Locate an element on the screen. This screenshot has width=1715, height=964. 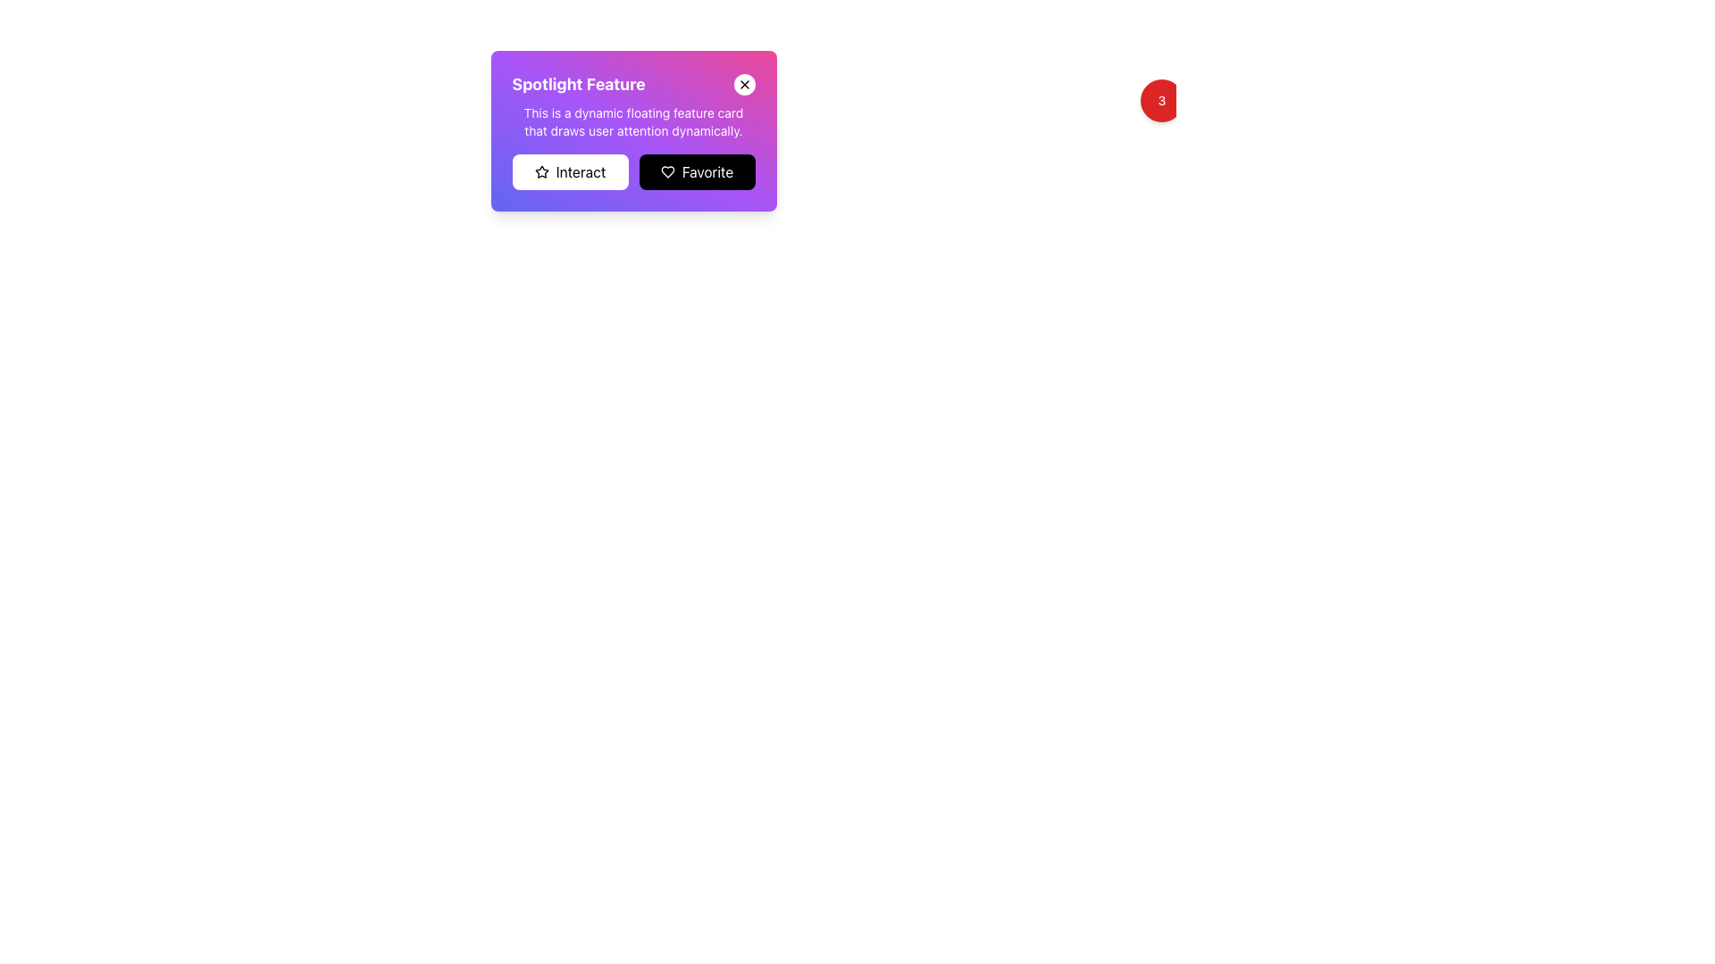
the star icon with an outlined design located to the left of the 'Interact' text within the button labeled 'Interact' in the 'Spotlight Feature' card is located at coordinates (540, 171).